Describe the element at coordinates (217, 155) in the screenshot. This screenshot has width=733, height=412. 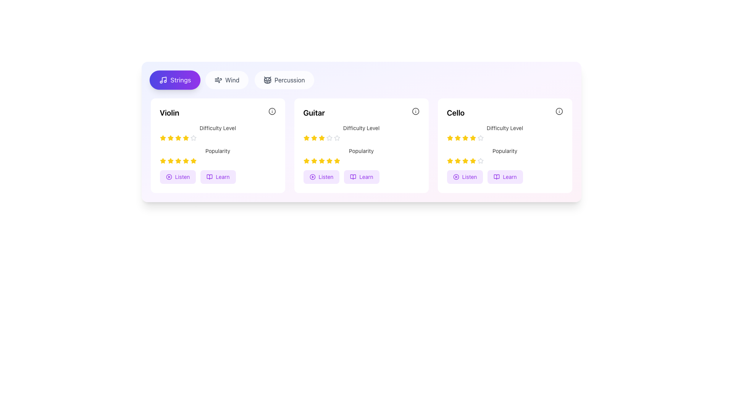
I see `the popularity rating displayed by the label with filled yellow stars in the middle field of the 'Violin' section, located between the 'Difficulty Level' section and the 'Listen' and 'Learn' buttons` at that location.